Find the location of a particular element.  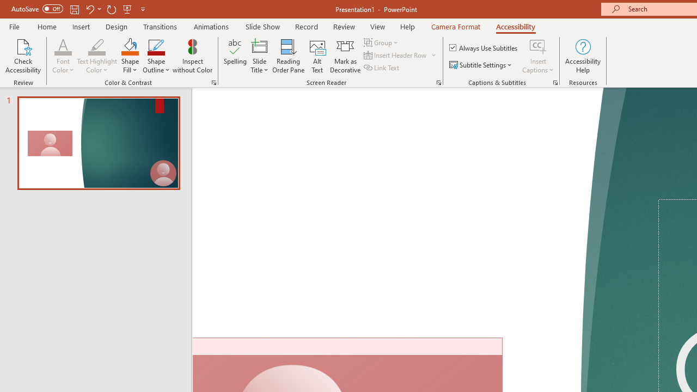

'Always Use Subtitles' is located at coordinates (484, 47).